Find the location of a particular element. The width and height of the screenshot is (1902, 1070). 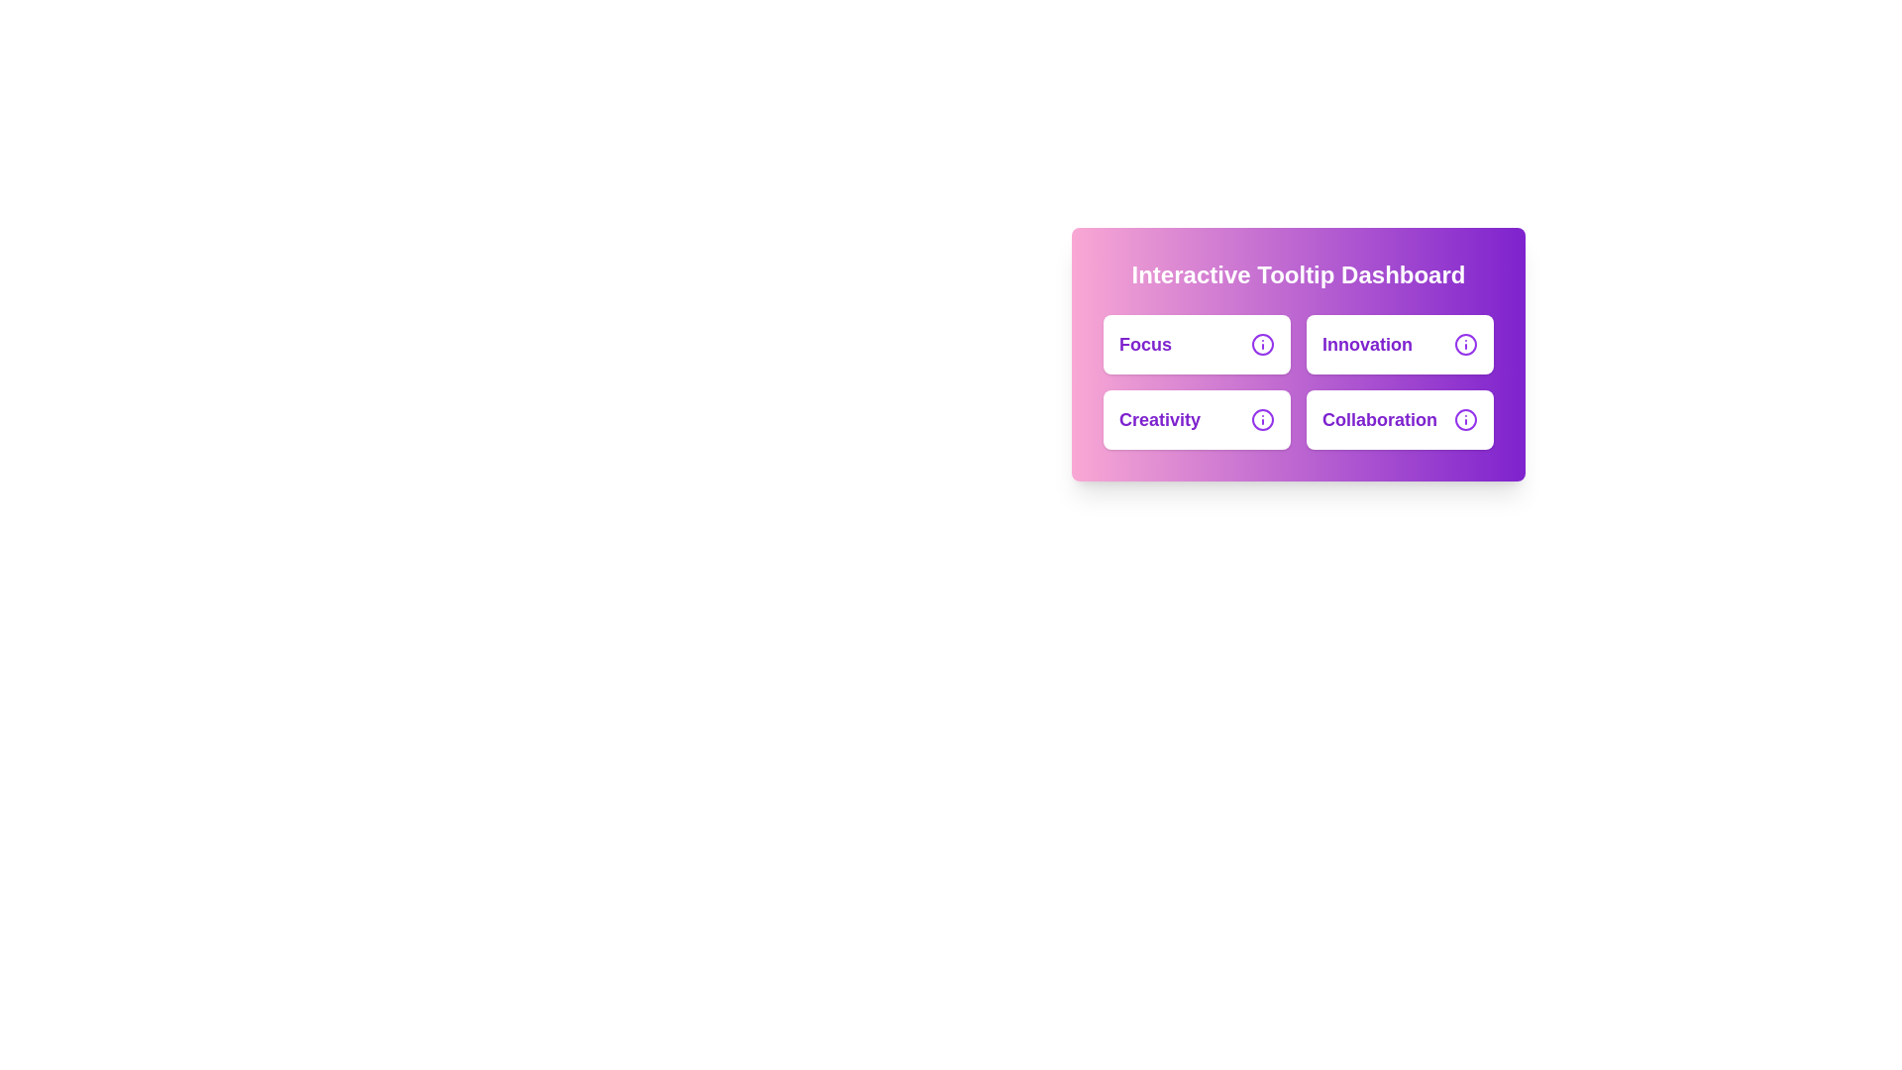

'Focus' button, which is a rectangular button with rounded corners, a white background, bold purple text aligned to the left, and an information icon in purple on its right side is located at coordinates (1196, 343).